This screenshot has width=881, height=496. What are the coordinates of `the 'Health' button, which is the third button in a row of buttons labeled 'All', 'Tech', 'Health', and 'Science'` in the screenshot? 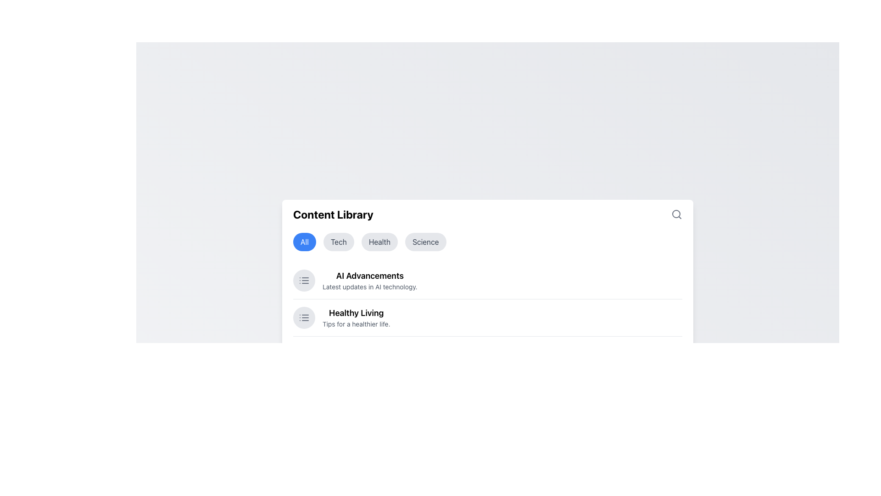 It's located at (379, 242).